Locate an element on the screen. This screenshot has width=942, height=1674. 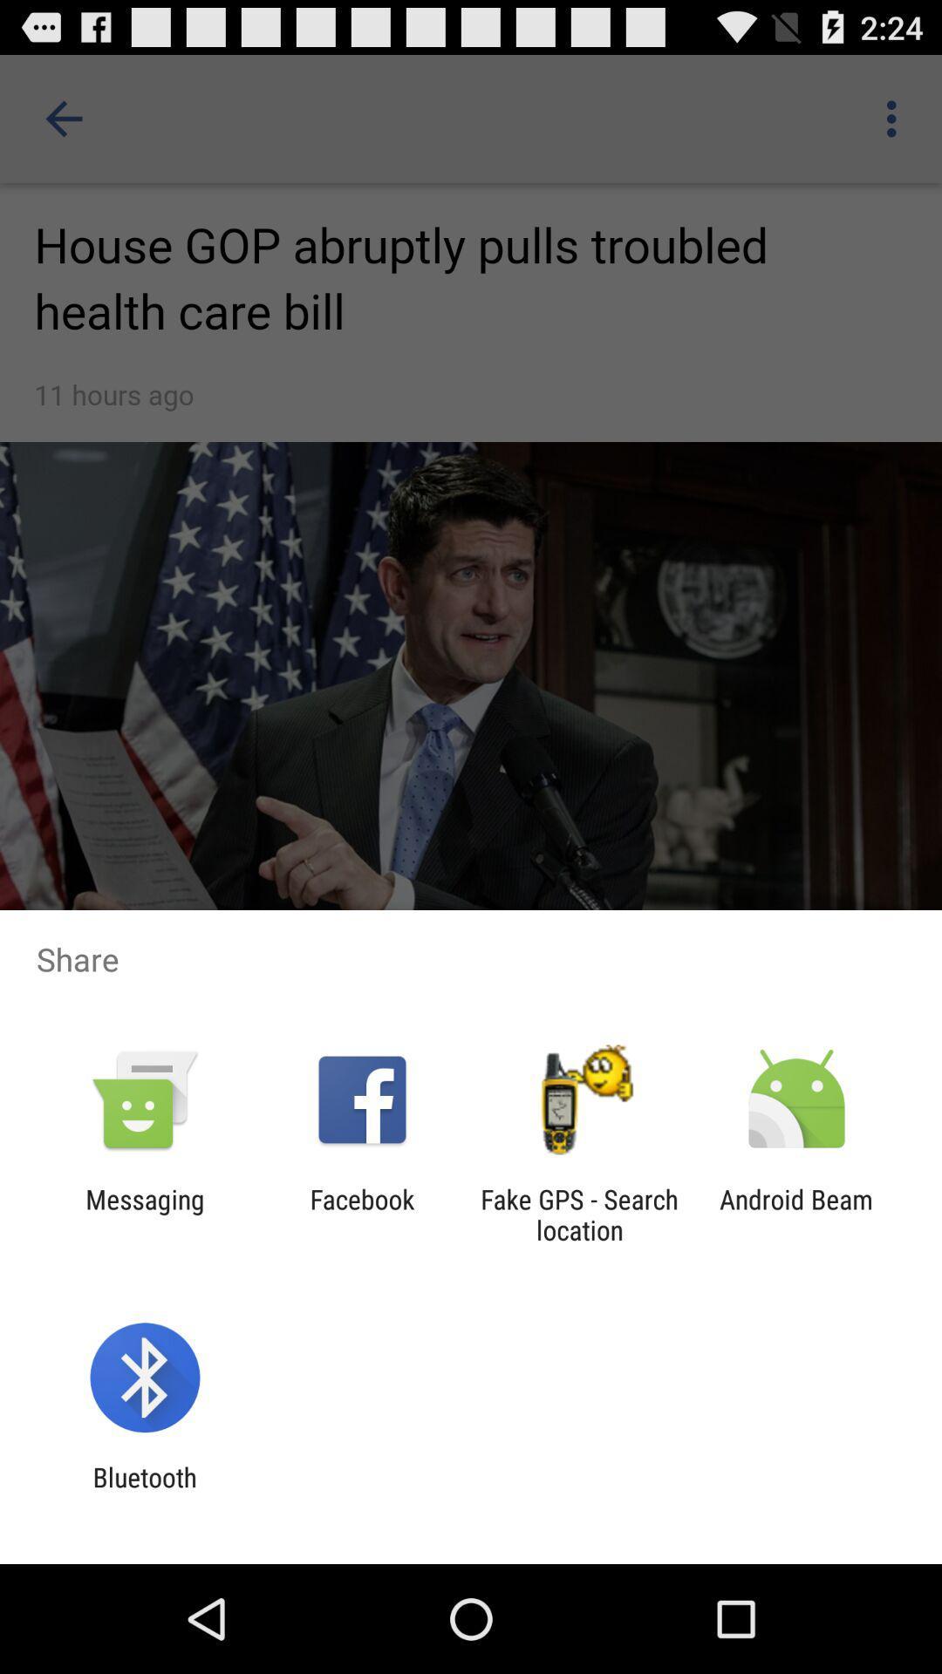
messaging item is located at coordinates (144, 1214).